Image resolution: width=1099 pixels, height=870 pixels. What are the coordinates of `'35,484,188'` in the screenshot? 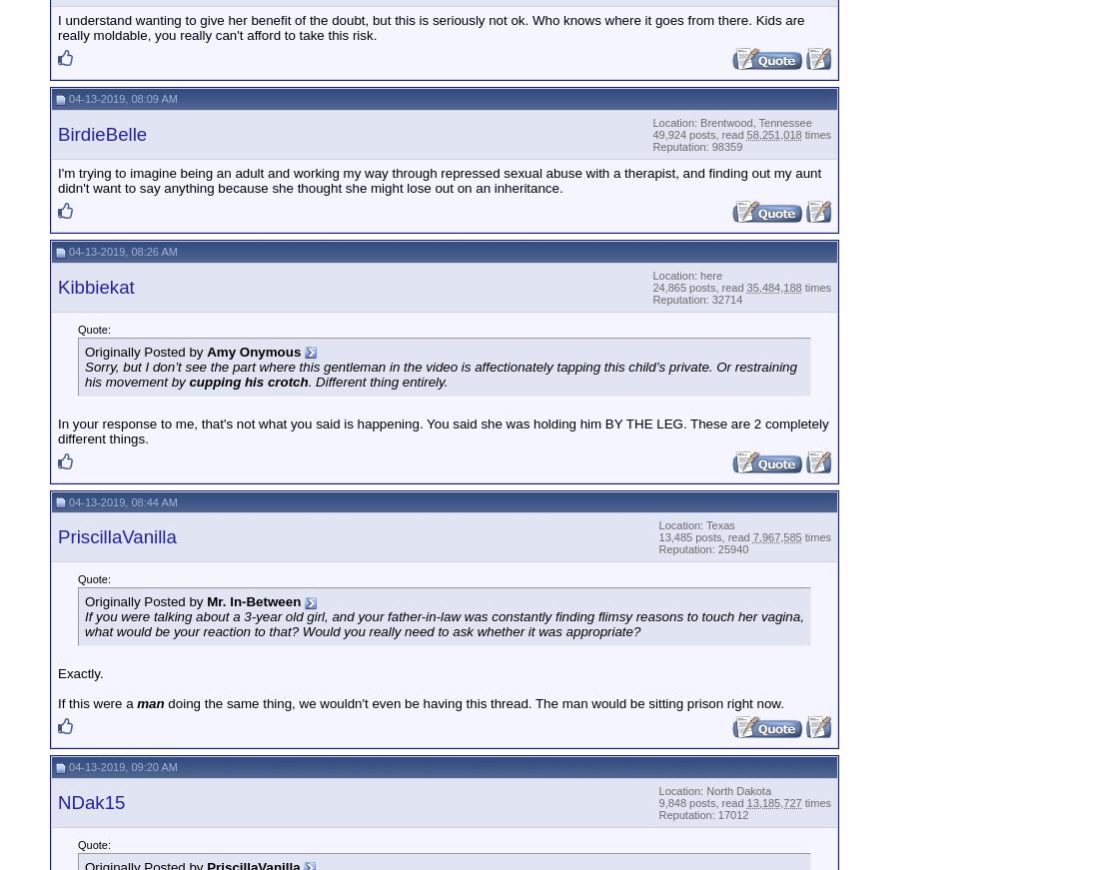 It's located at (773, 286).